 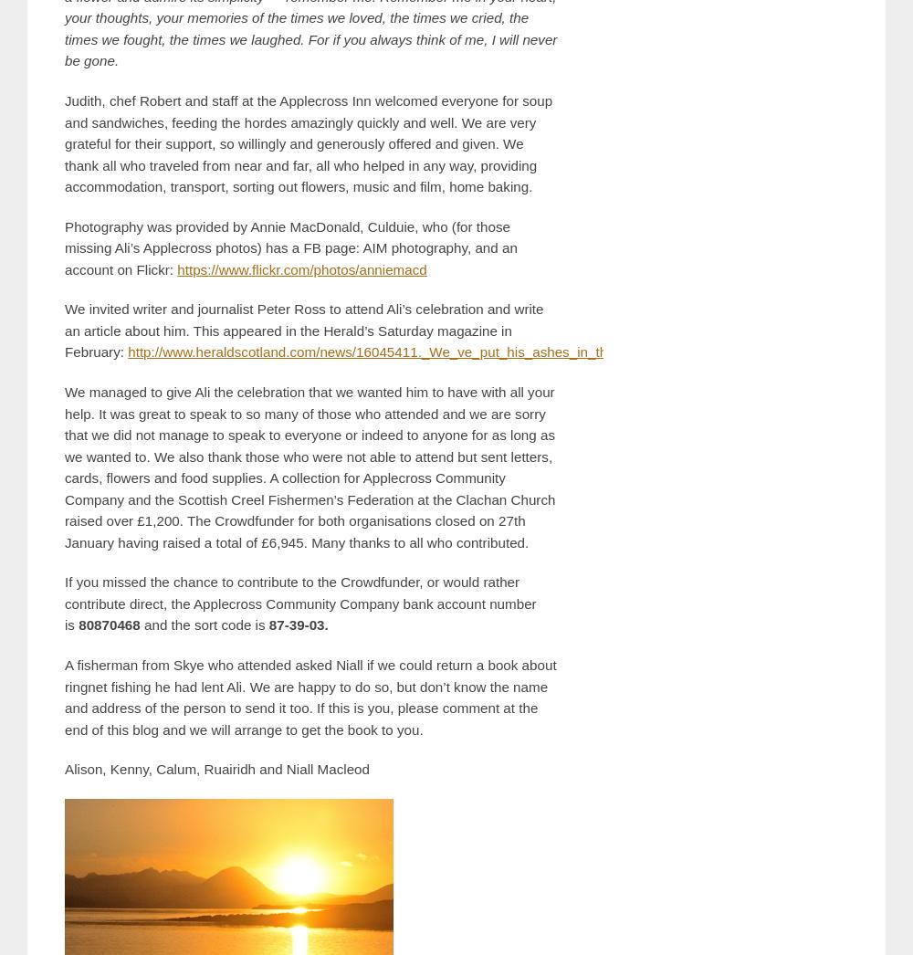 What do you see at coordinates (299, 602) in the screenshot?
I see `'If you missed the chance to contribute to the Crowdfunder, or would rather contribute direct, the Applecross Community Company bank account number is'` at bounding box center [299, 602].